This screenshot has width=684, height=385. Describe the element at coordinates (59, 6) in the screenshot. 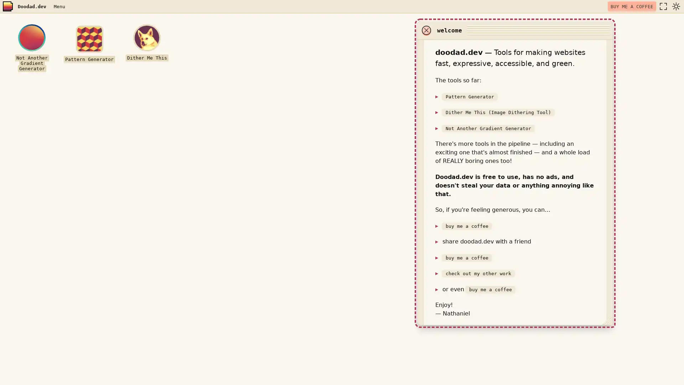

I see `Menu` at that location.